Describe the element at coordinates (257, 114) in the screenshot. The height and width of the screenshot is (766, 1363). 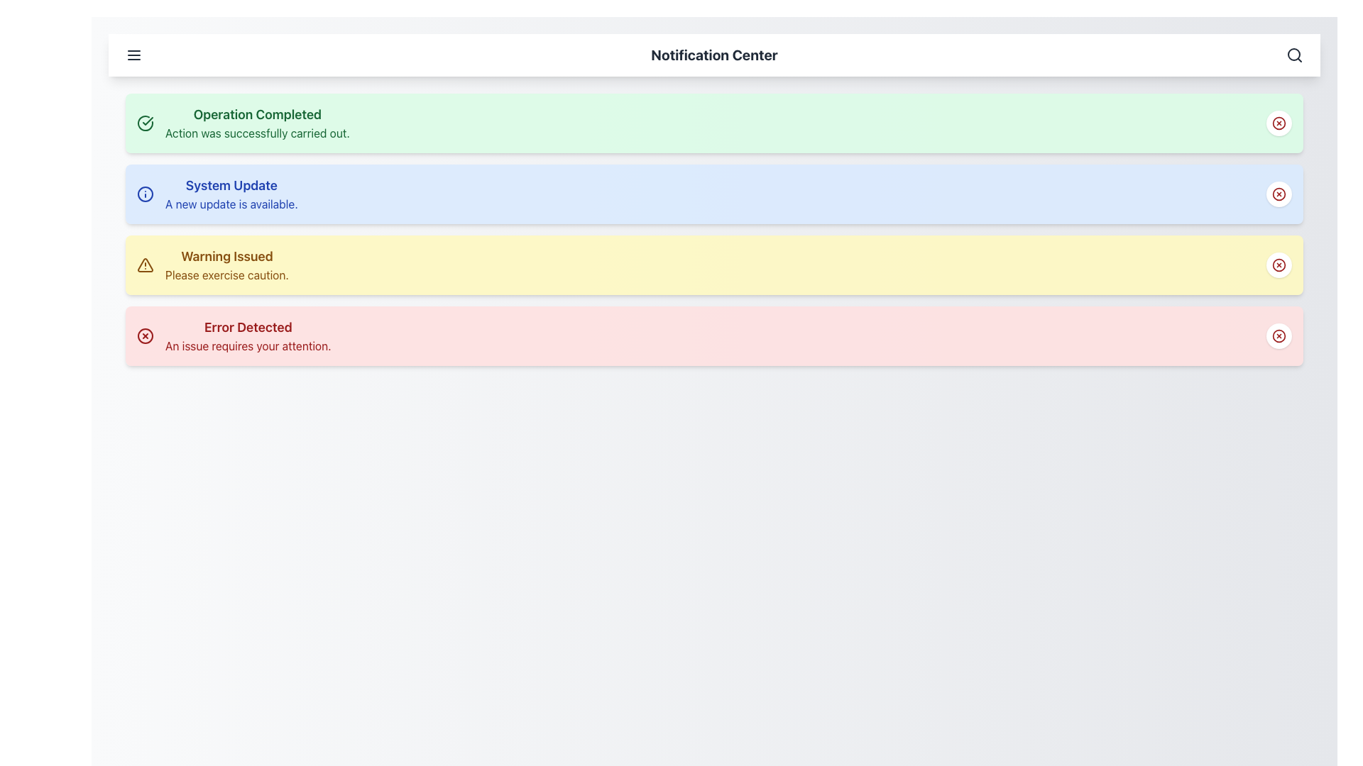
I see `the text label at the top-left of the green notification card, which indicates a successful operation completion` at that location.